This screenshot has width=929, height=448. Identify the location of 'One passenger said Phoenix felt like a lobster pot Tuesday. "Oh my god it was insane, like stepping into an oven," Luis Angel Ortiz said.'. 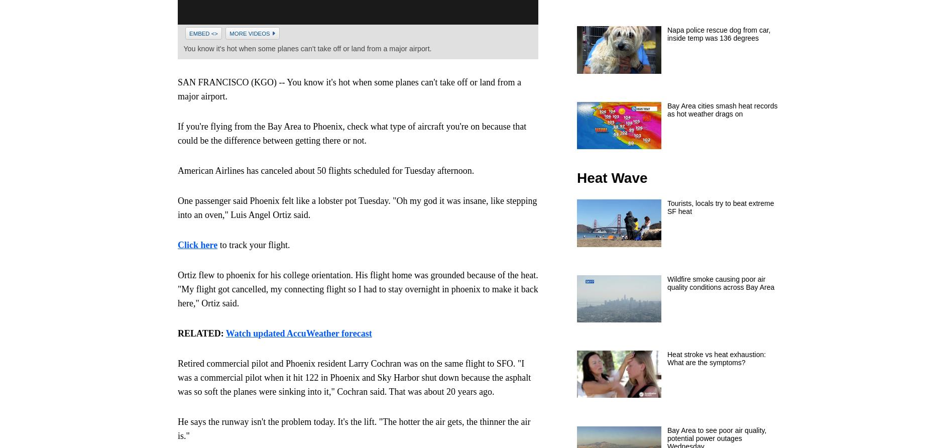
(357, 207).